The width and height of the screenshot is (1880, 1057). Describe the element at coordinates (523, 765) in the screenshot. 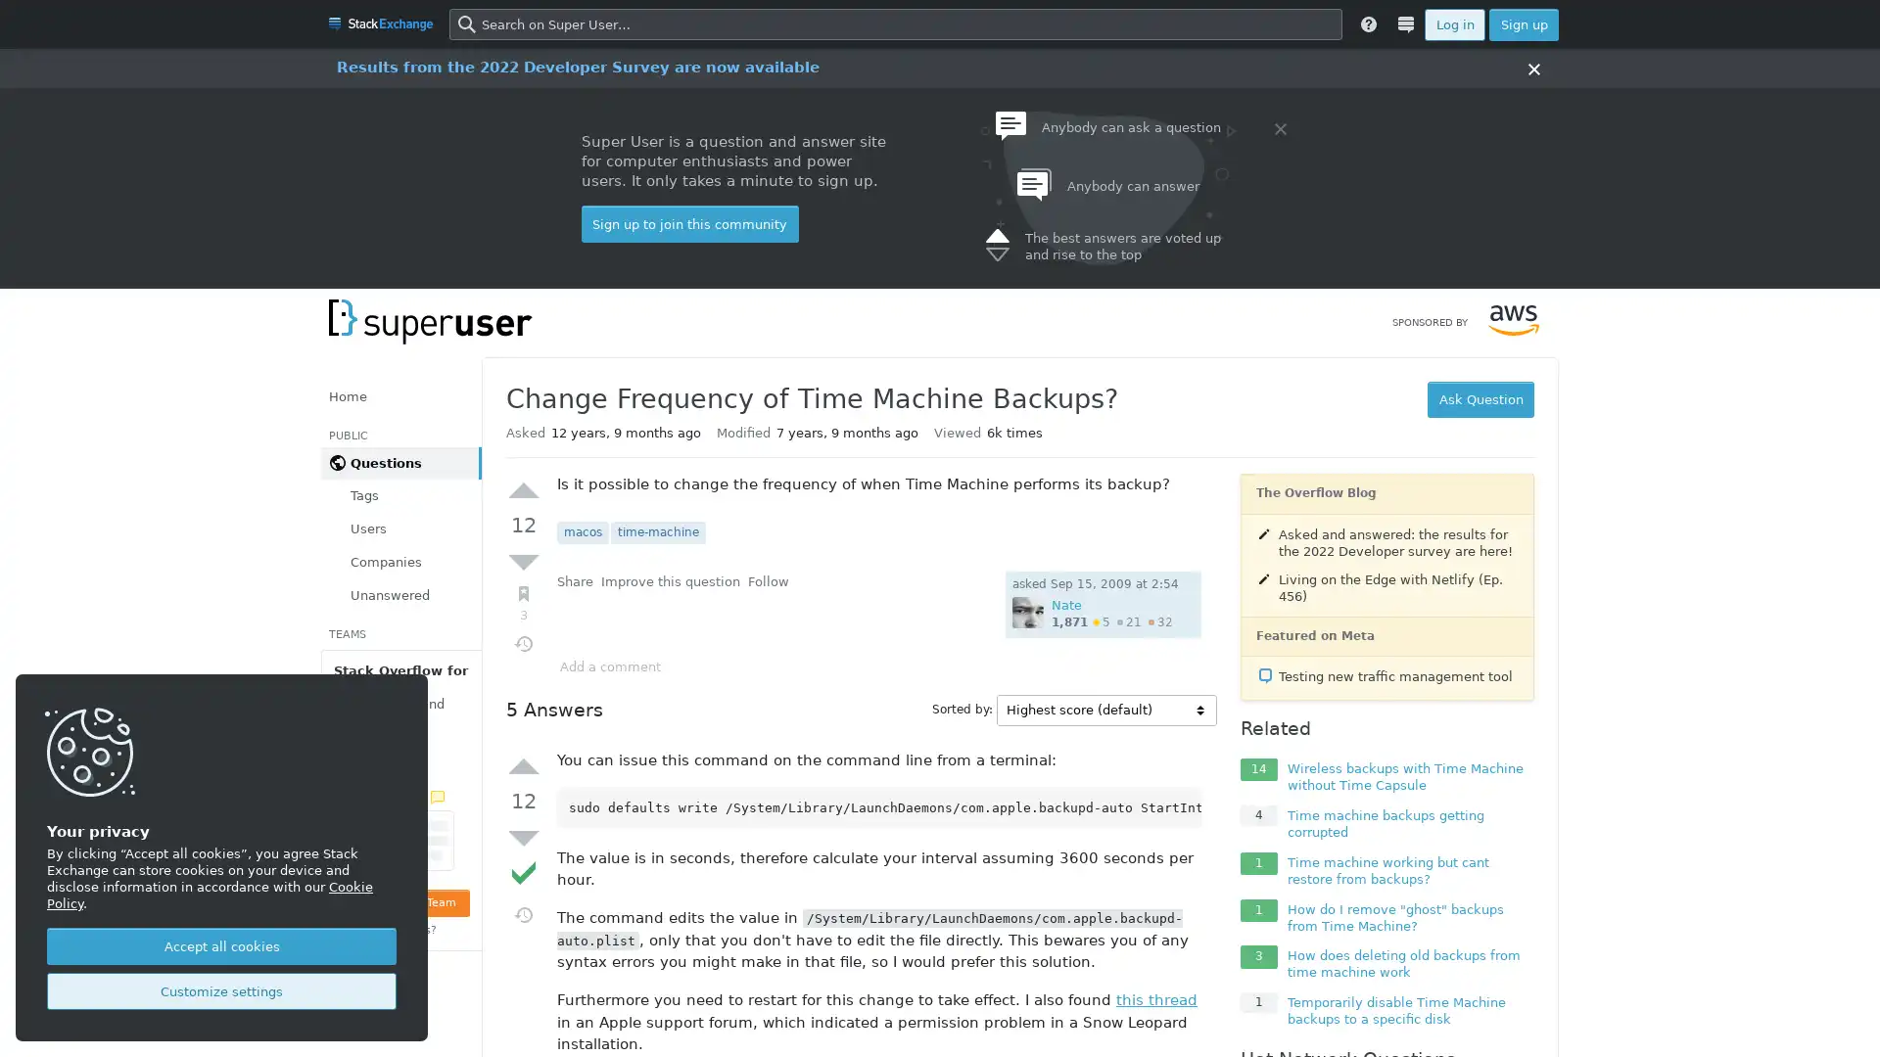

I see `Up vote` at that location.